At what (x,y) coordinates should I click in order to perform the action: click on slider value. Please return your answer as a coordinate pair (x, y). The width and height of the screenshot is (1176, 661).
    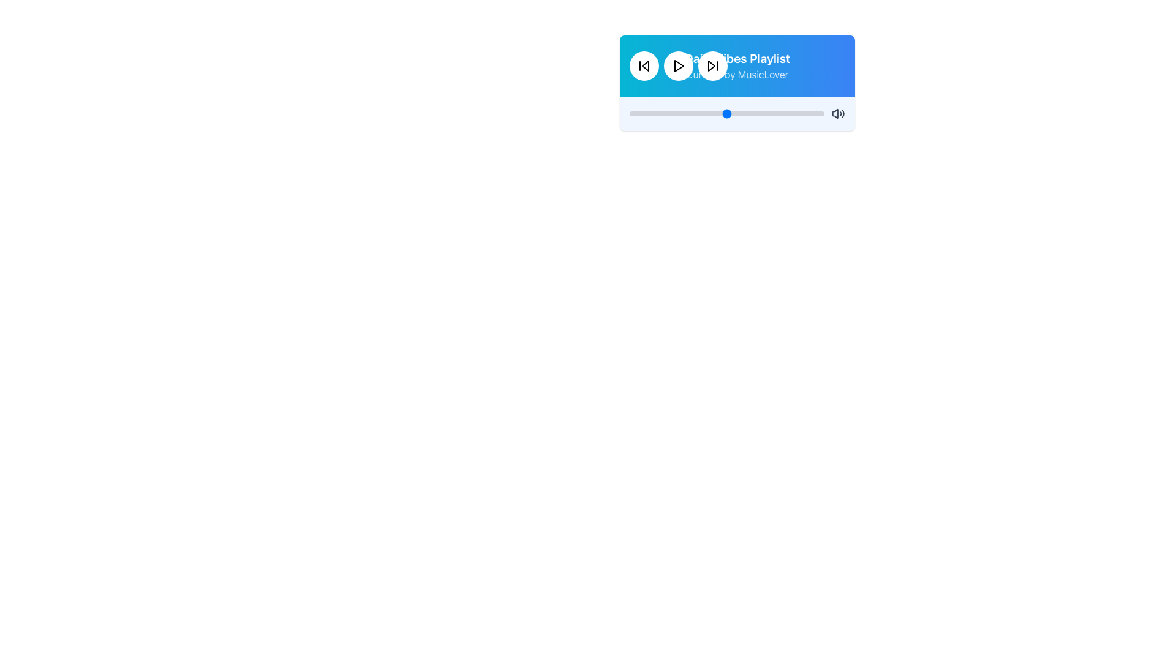
    Looking at the image, I should click on (672, 113).